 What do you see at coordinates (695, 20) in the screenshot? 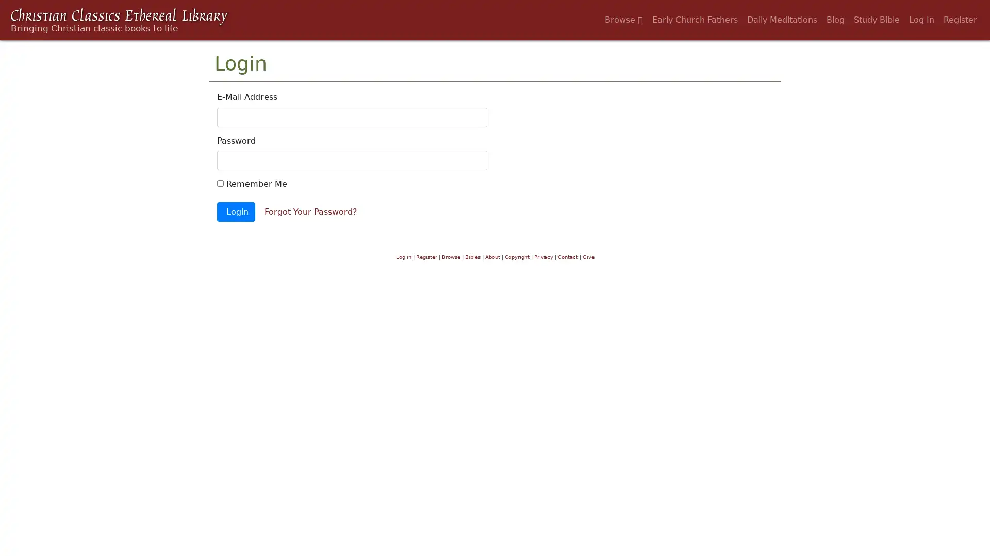
I see `Early Church Fathers` at bounding box center [695, 20].